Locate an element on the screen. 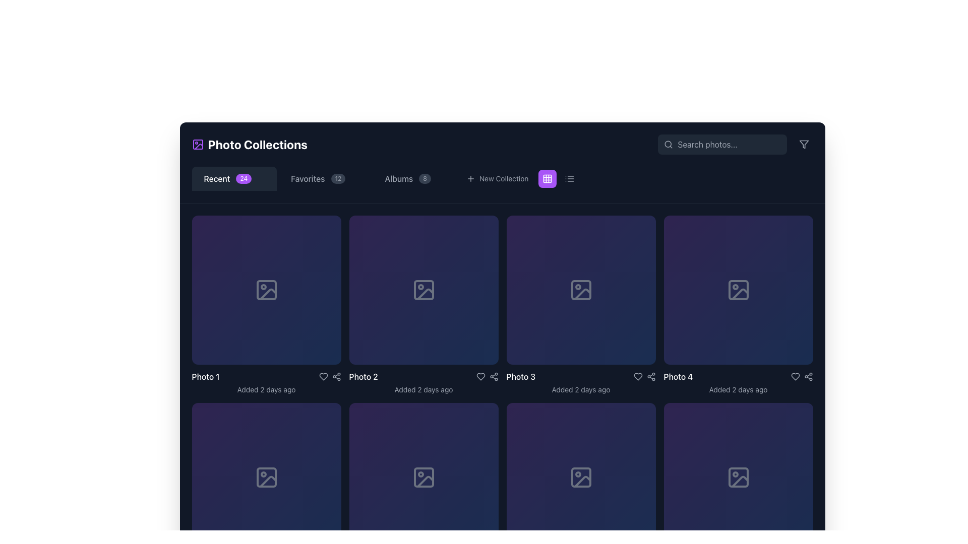  the Counter label that displays the number of items associated with the 'Favorites' category, positioned to the right of the text 'Favorites' in the horizontal navigation bar is located at coordinates (338, 178).